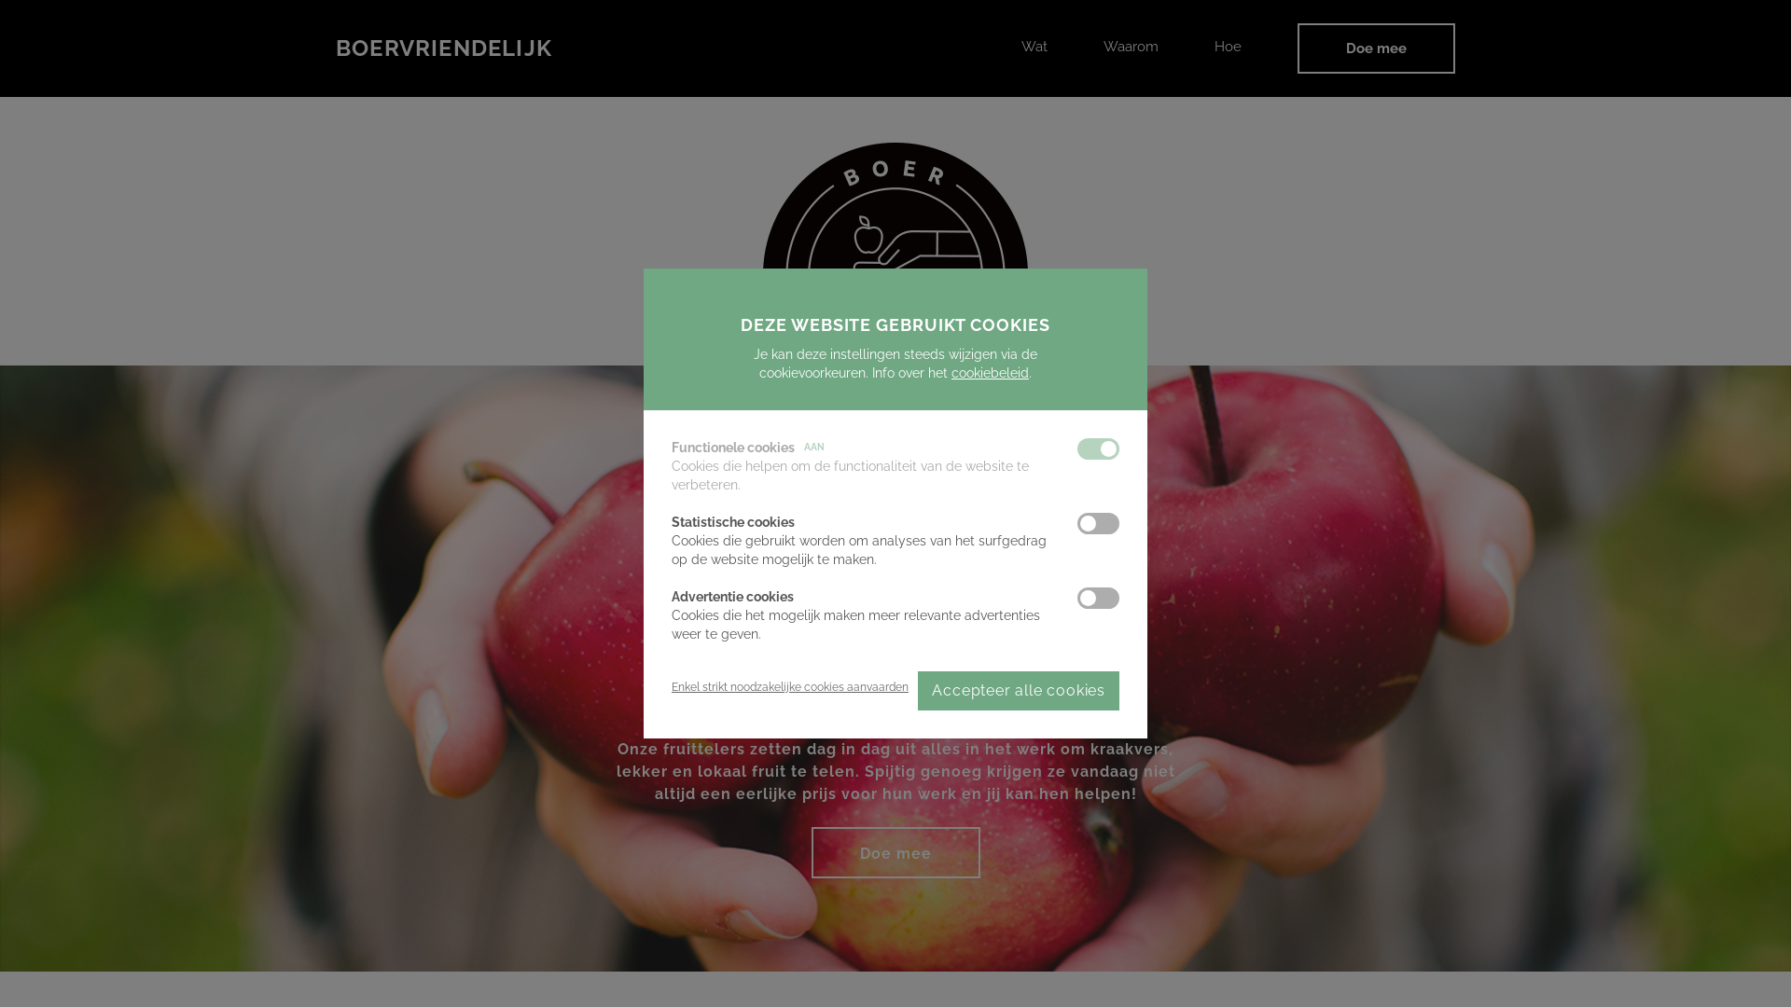 This screenshot has width=1791, height=1007. I want to click on 'Doe mee', so click(1376, 47).